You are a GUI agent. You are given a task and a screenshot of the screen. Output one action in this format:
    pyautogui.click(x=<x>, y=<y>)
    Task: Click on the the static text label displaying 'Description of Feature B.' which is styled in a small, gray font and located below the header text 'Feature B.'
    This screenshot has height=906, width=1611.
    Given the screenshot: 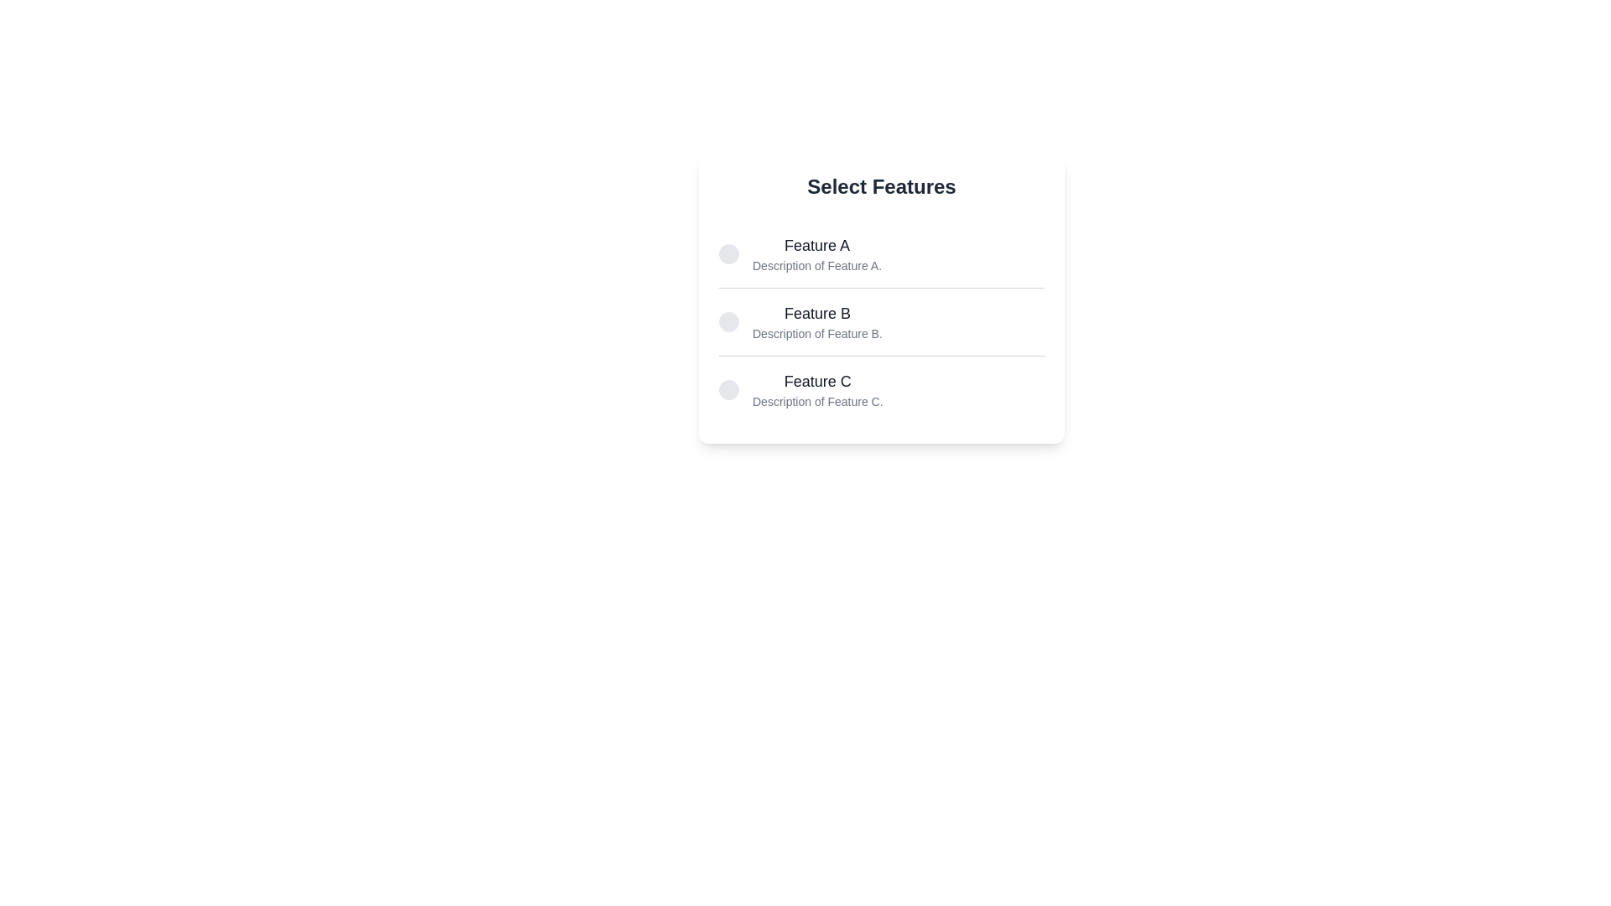 What is the action you would take?
    pyautogui.click(x=817, y=333)
    